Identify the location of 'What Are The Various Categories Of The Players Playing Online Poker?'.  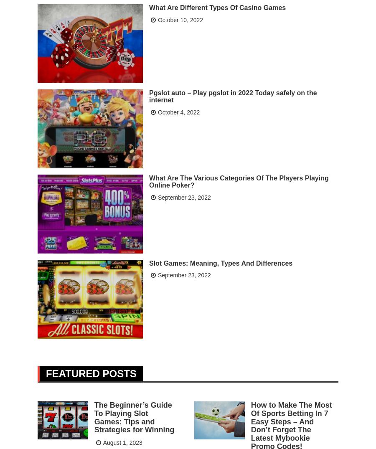
(239, 180).